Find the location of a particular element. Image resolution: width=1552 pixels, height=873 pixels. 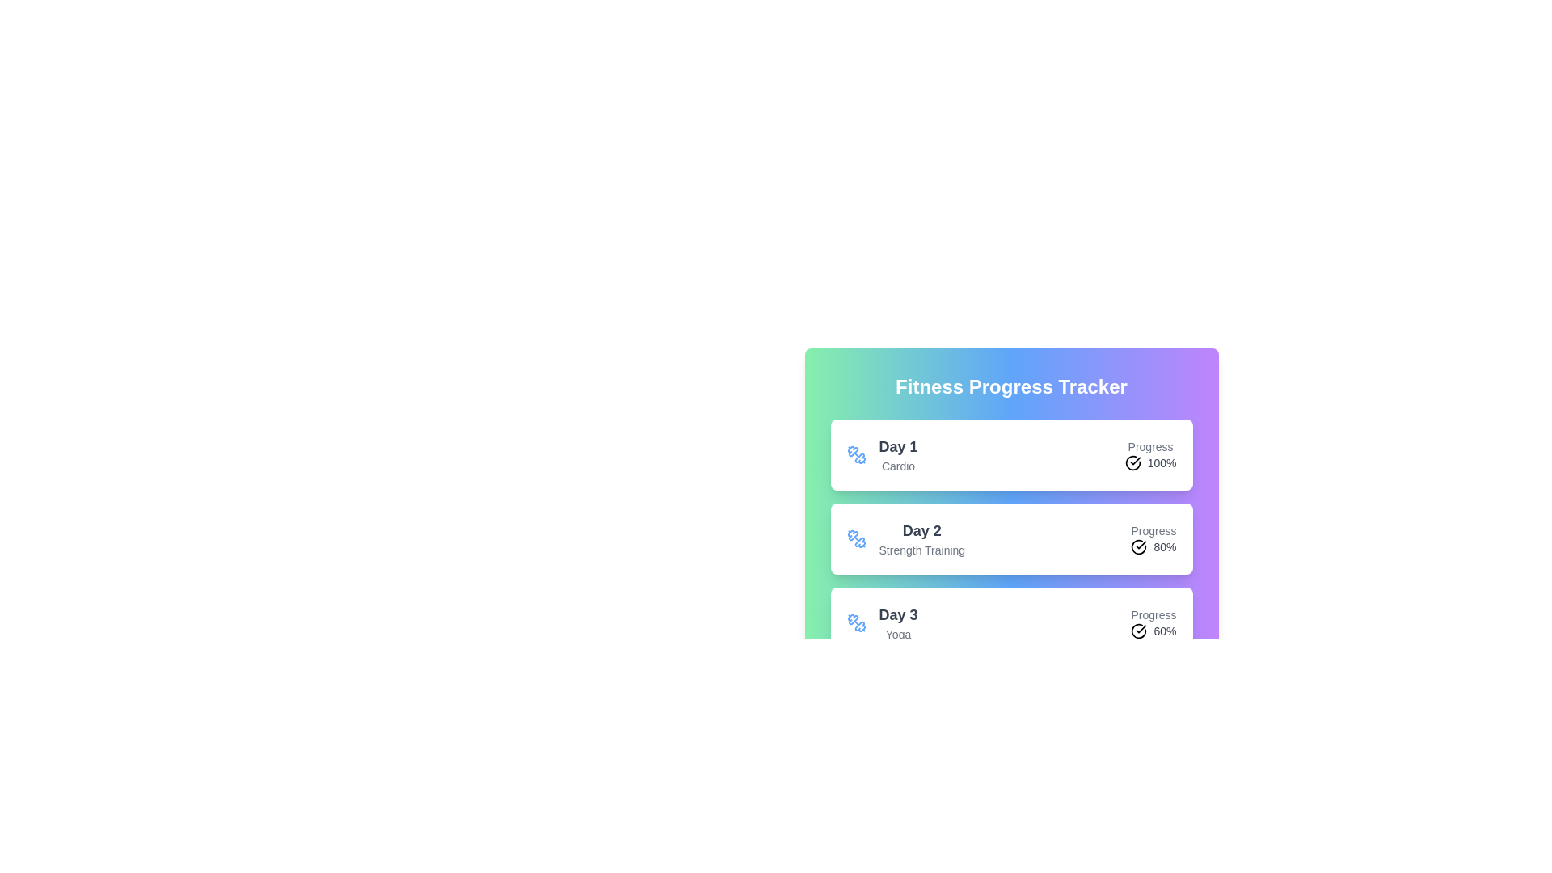

the workout item for Day 3 is located at coordinates (1010, 622).